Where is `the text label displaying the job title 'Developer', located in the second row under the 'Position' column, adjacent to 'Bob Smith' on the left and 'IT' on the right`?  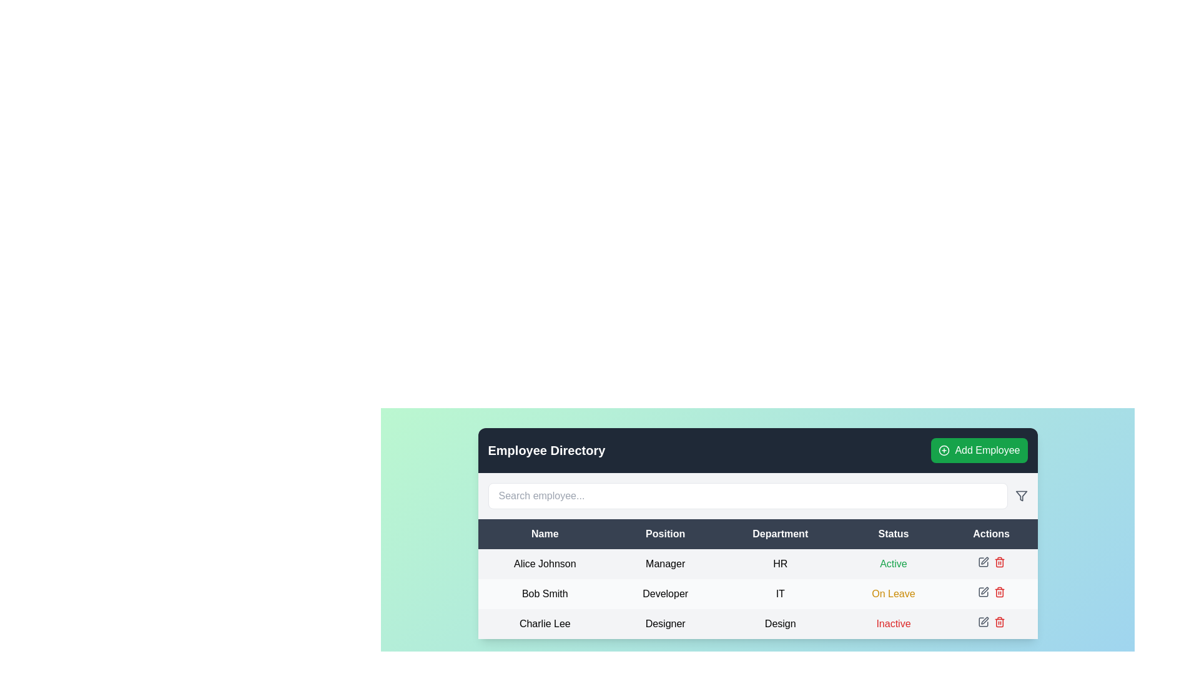
the text label displaying the job title 'Developer', located in the second row under the 'Position' column, adjacent to 'Bob Smith' on the left and 'IT' on the right is located at coordinates (664, 593).